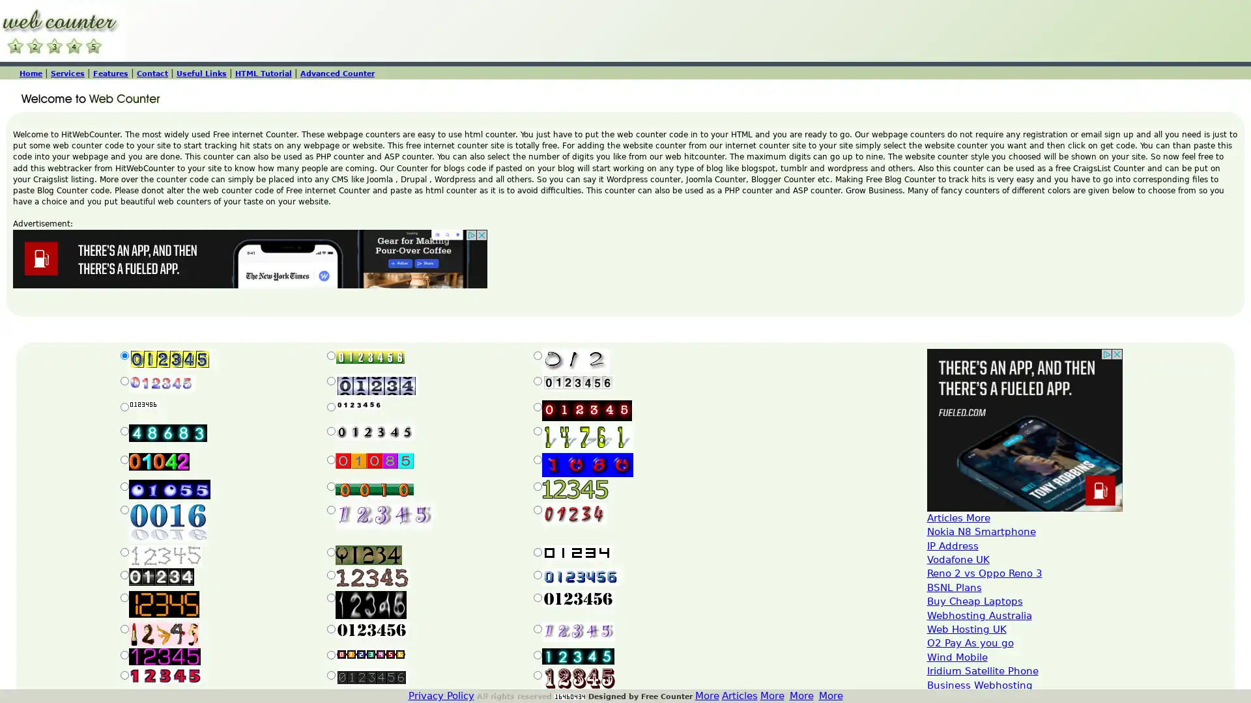  Describe the element at coordinates (577, 381) in the screenshot. I see `Submit` at that location.